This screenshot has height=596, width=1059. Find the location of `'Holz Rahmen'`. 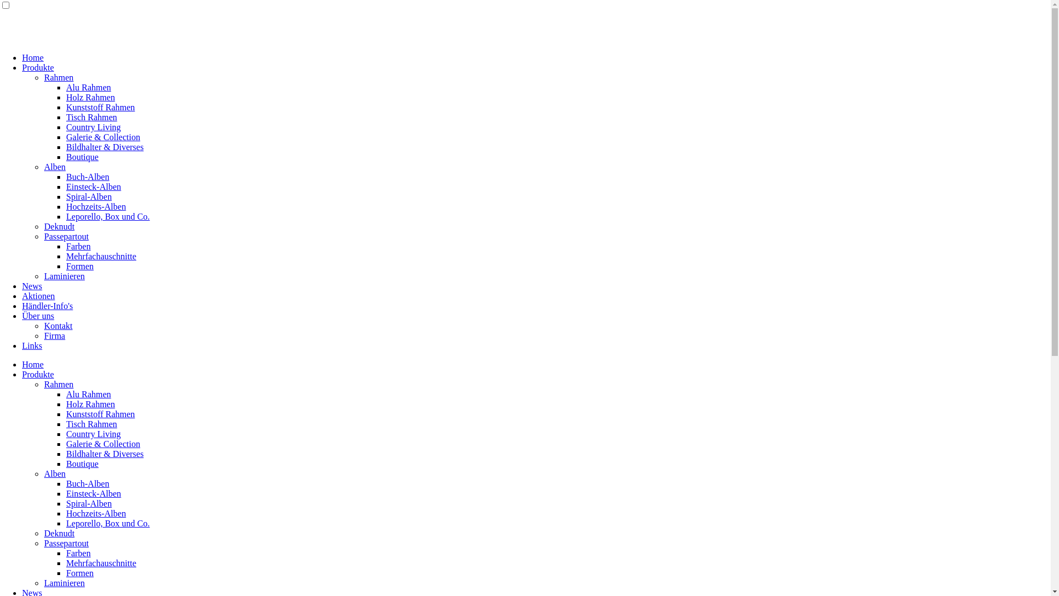

'Holz Rahmen' is located at coordinates (90, 404).